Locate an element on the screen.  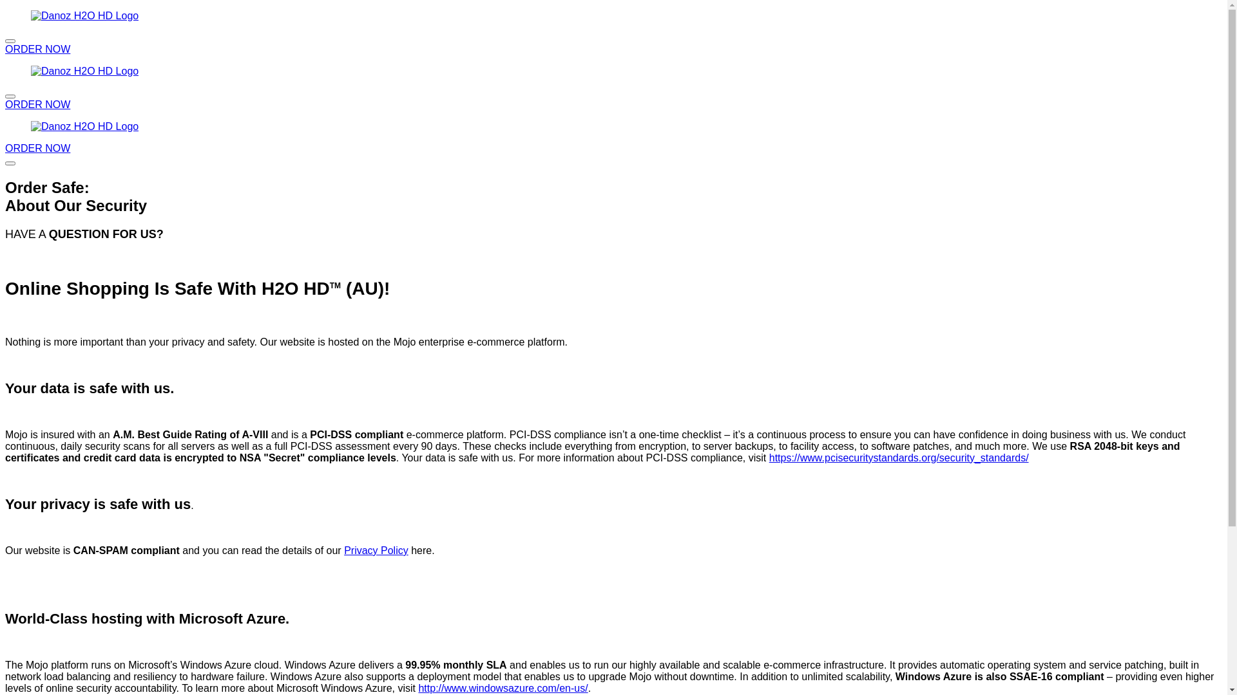
'ORDER NOW' is located at coordinates (5, 104).